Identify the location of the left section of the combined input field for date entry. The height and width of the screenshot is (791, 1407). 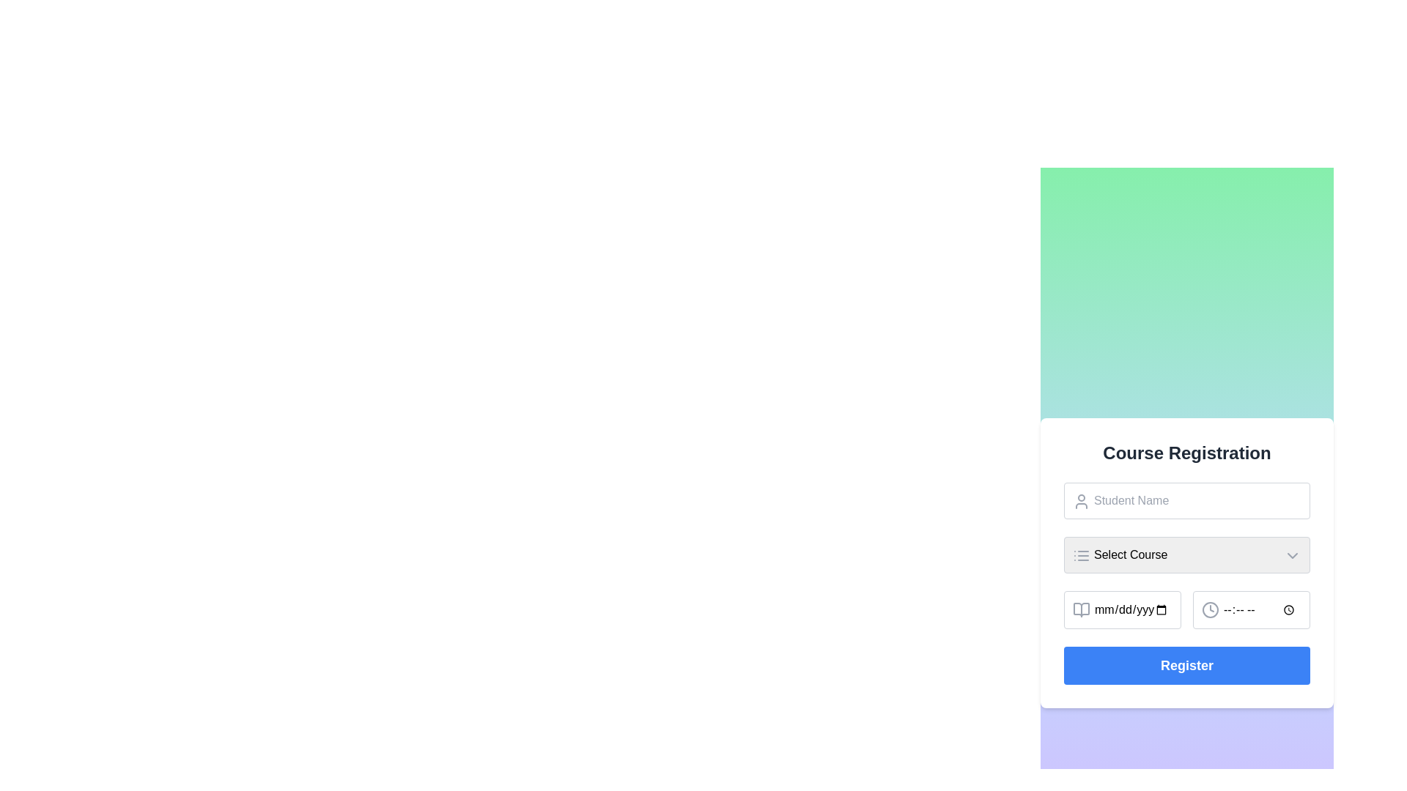
(1187, 610).